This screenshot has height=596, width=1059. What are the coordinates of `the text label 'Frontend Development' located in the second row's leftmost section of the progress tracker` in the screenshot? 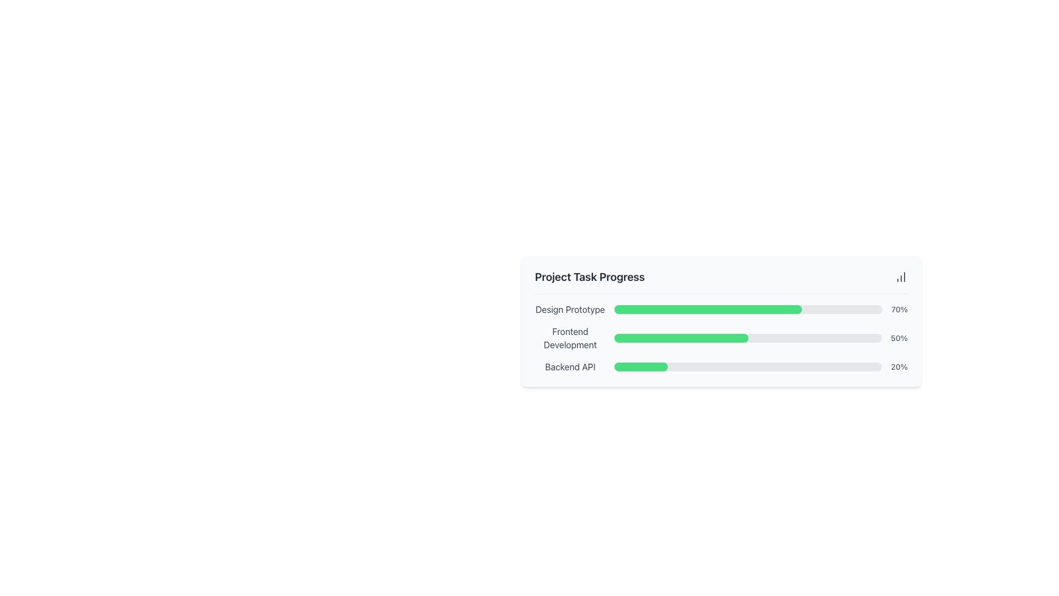 It's located at (570, 338).